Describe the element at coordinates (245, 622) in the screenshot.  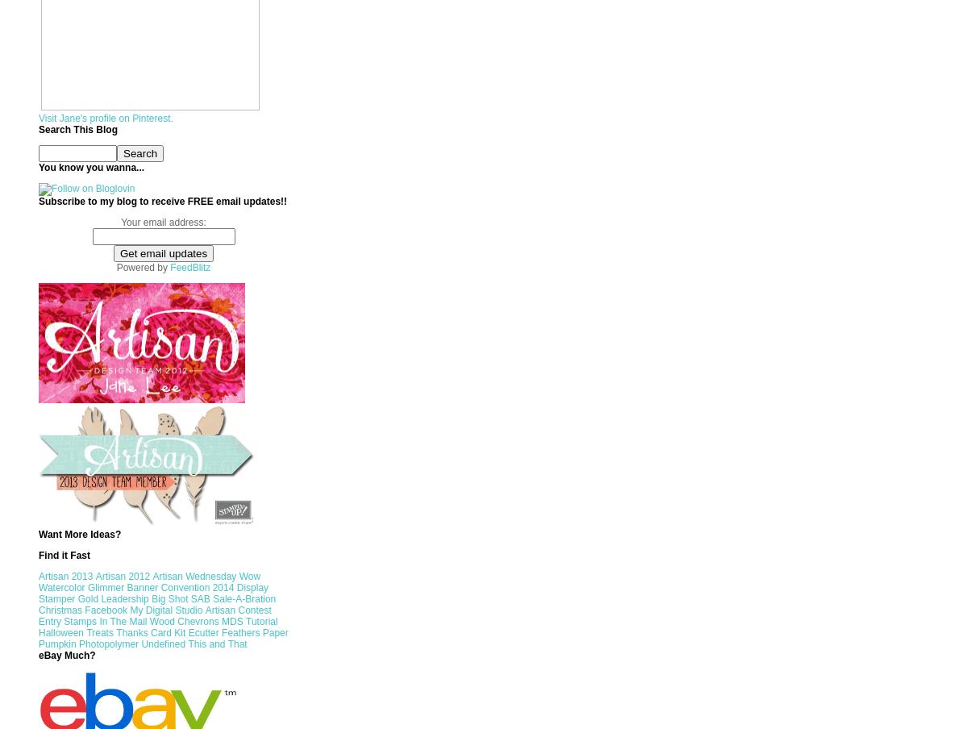
I see `'Tutorial'` at that location.